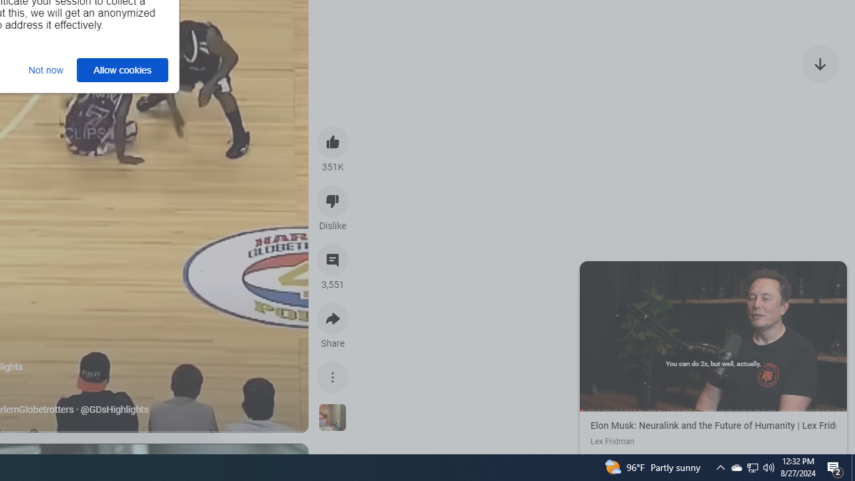 The width and height of the screenshot is (855, 481). What do you see at coordinates (333, 319) in the screenshot?
I see `'Share'` at bounding box center [333, 319].